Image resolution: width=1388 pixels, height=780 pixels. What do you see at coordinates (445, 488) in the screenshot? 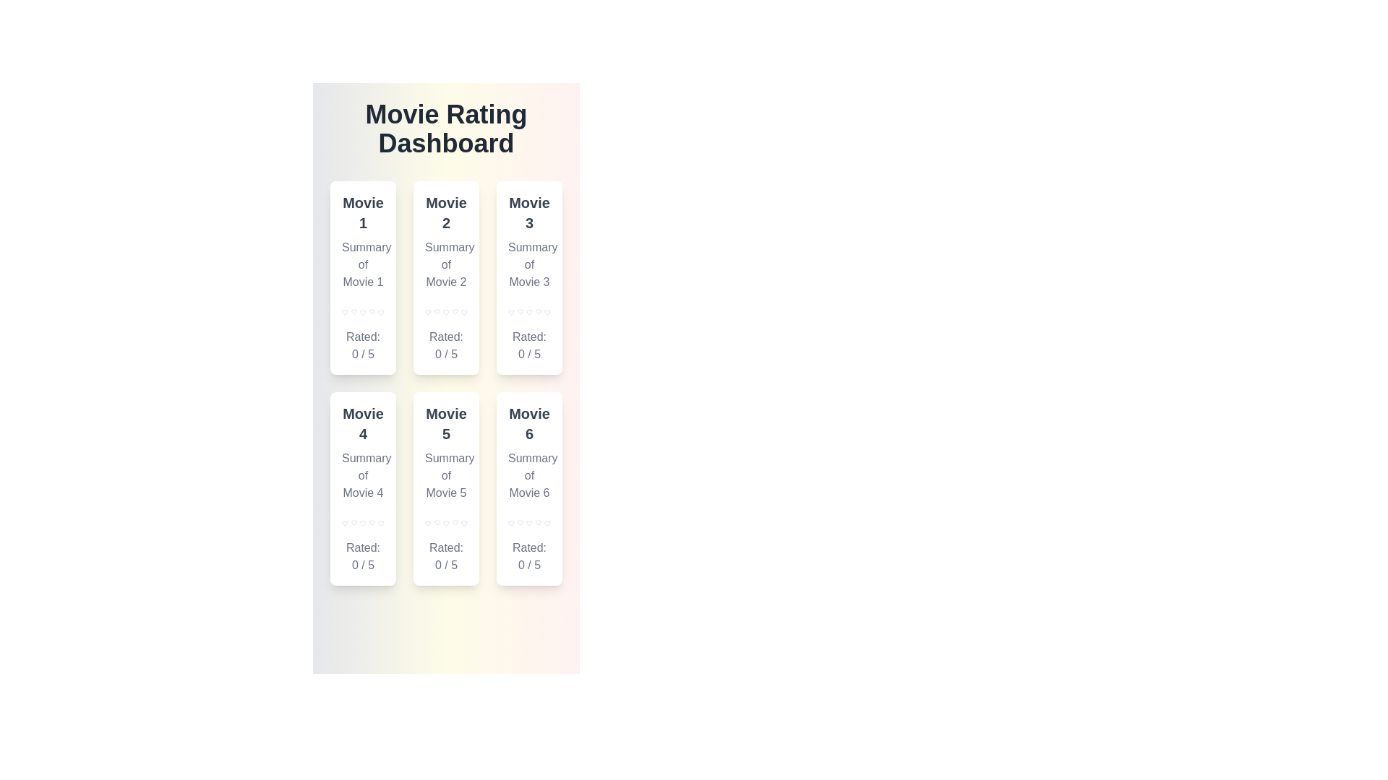
I see `the movie card for Movie 5` at bounding box center [445, 488].